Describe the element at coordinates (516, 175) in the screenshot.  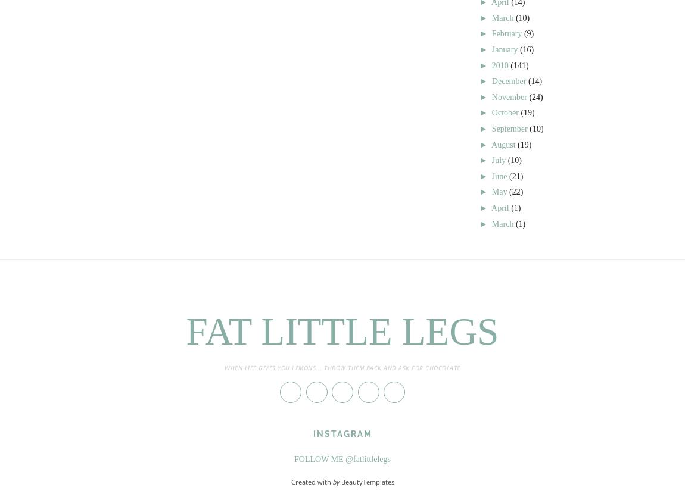
I see `'(21)'` at that location.